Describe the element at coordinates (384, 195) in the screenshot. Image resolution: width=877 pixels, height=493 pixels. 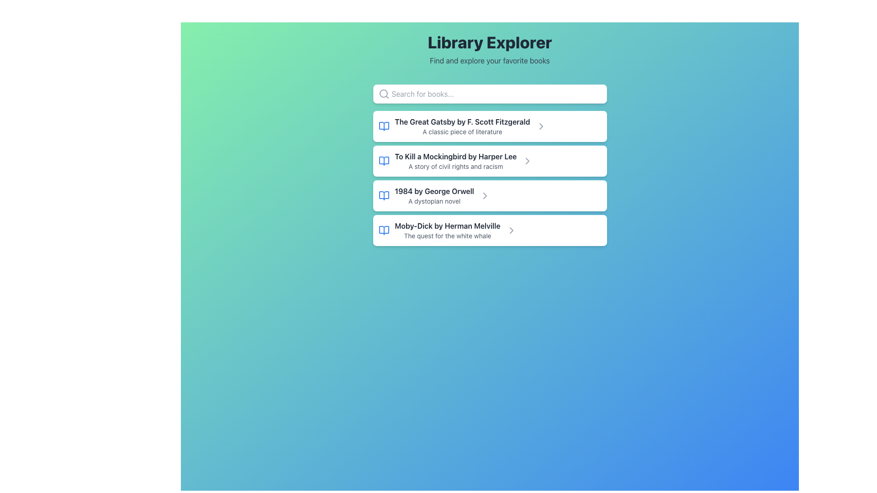
I see `the book icon that visually represents a book, located to the left of the text content '1984 by George Orwell' and 'A dystopian novel' within the third tile of a vertical list of book entries` at that location.